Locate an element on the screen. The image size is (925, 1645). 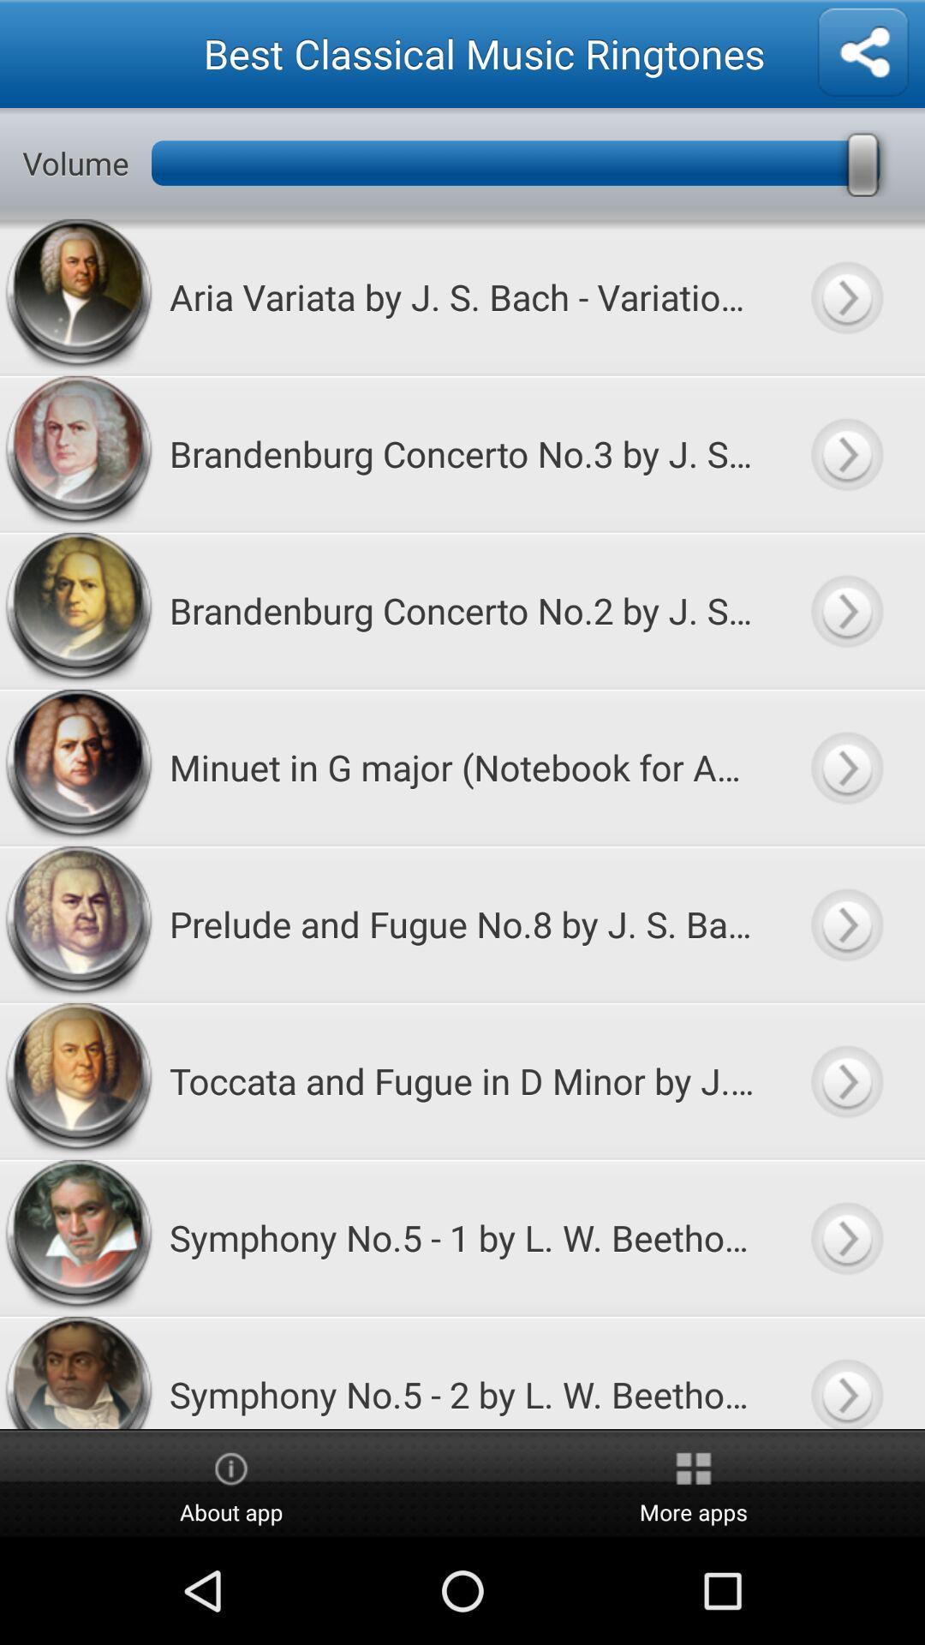
next is located at coordinates (845, 1373).